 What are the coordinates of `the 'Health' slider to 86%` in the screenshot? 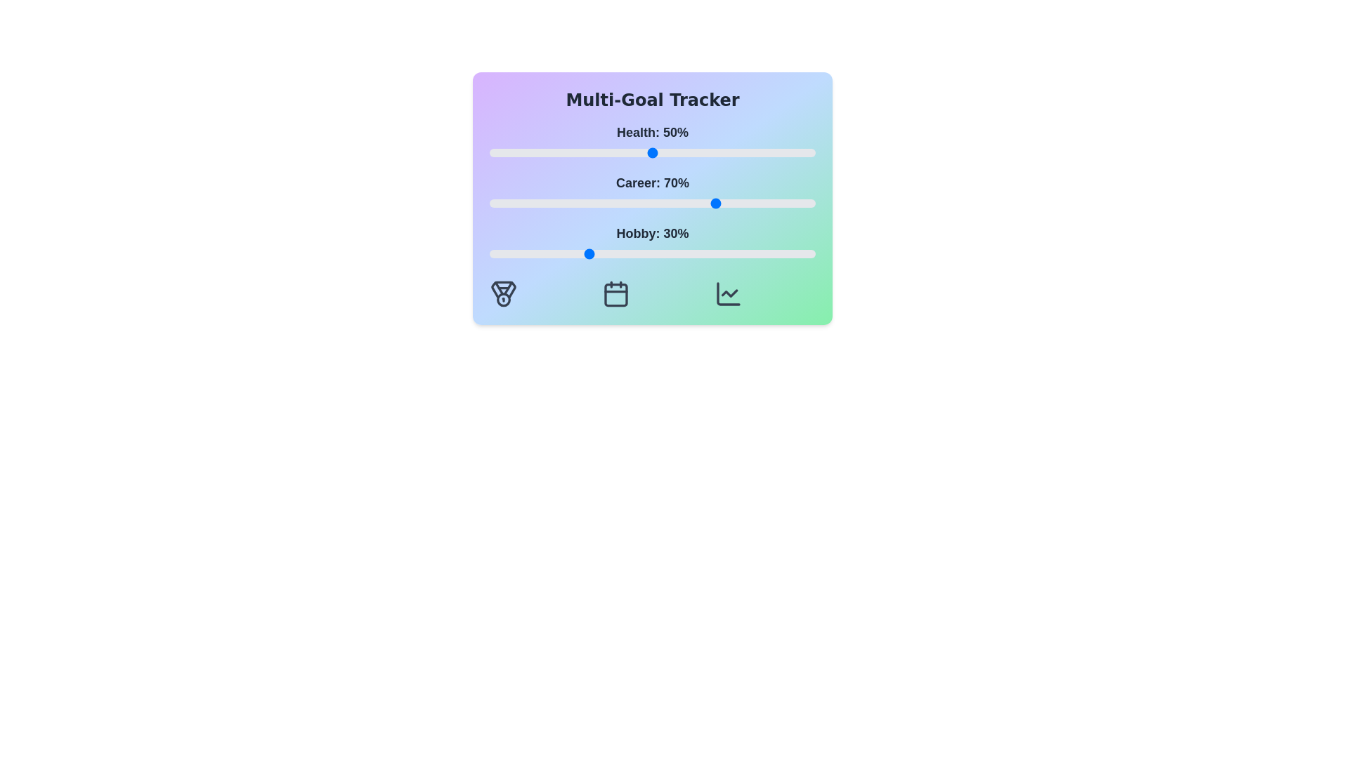 It's located at (769, 153).